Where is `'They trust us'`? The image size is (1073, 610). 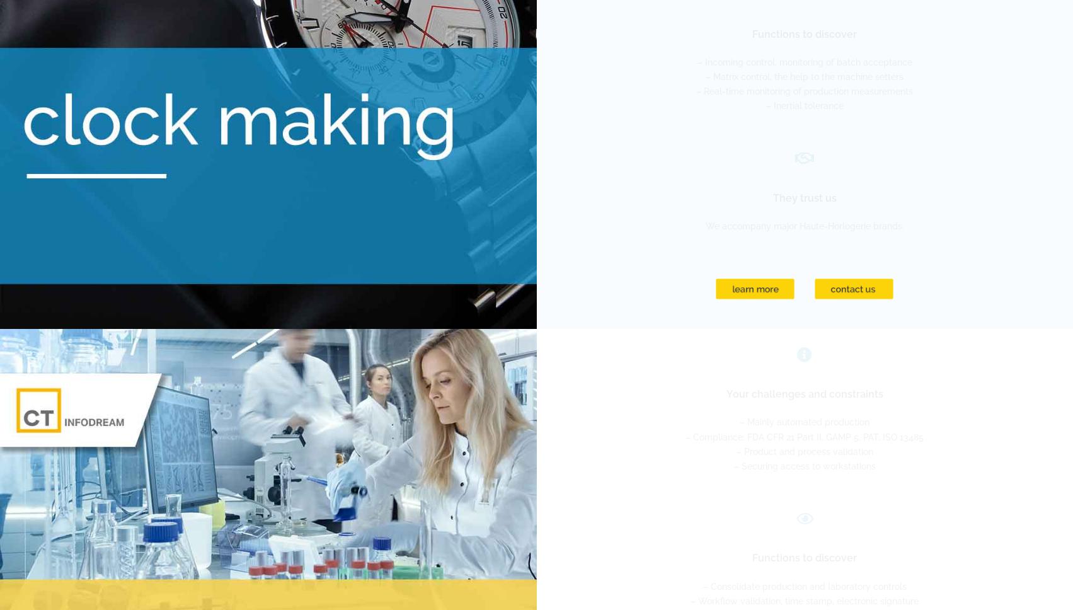
'They trust us' is located at coordinates (803, 197).